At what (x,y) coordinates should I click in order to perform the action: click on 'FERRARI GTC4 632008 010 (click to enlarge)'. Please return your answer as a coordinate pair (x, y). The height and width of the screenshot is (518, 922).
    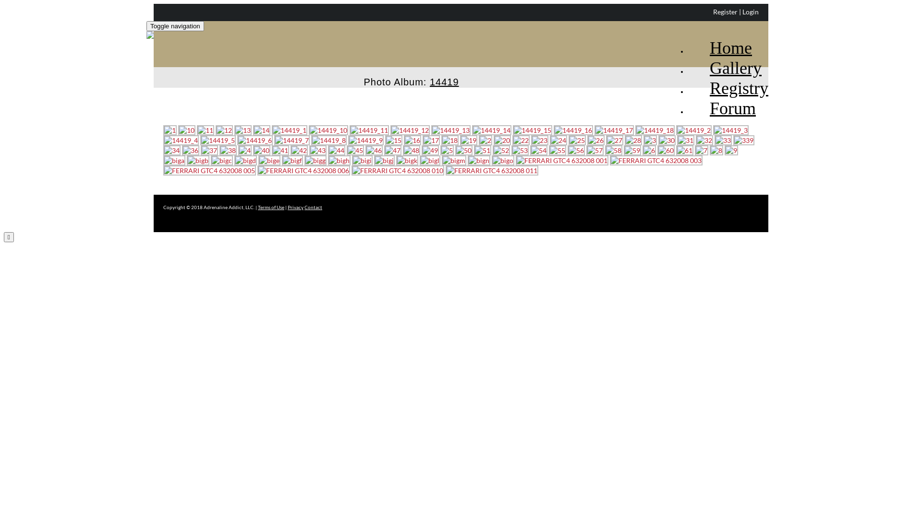
    Looking at the image, I should click on (398, 170).